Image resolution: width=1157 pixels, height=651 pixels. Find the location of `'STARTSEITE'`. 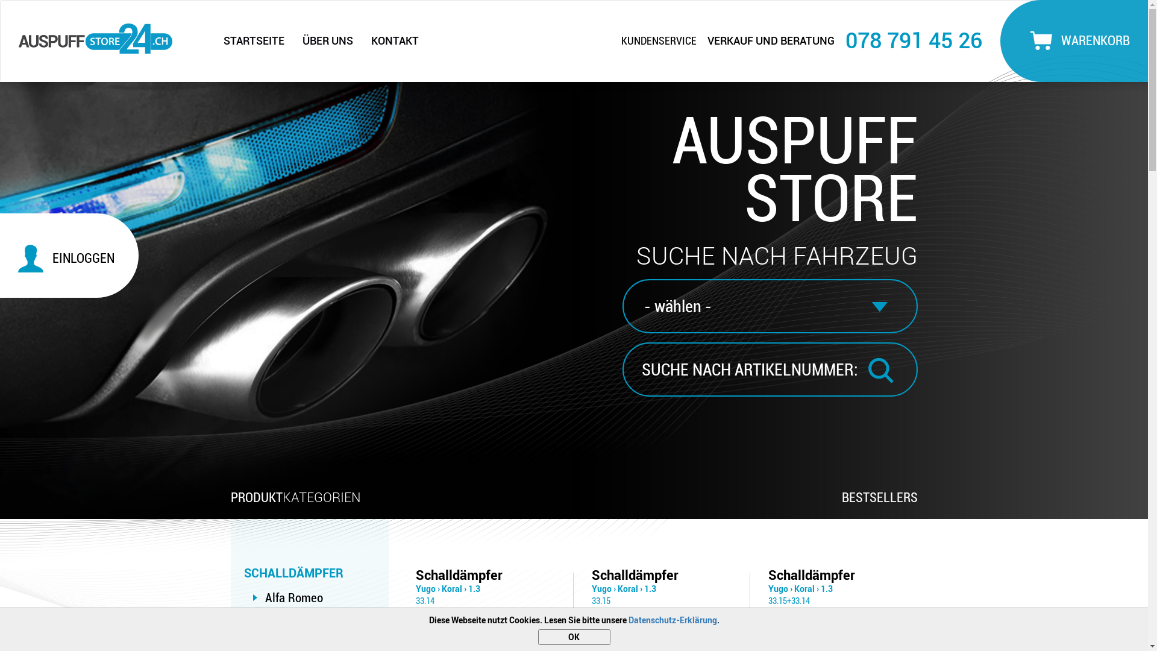

'STARTSEITE' is located at coordinates (214, 40).